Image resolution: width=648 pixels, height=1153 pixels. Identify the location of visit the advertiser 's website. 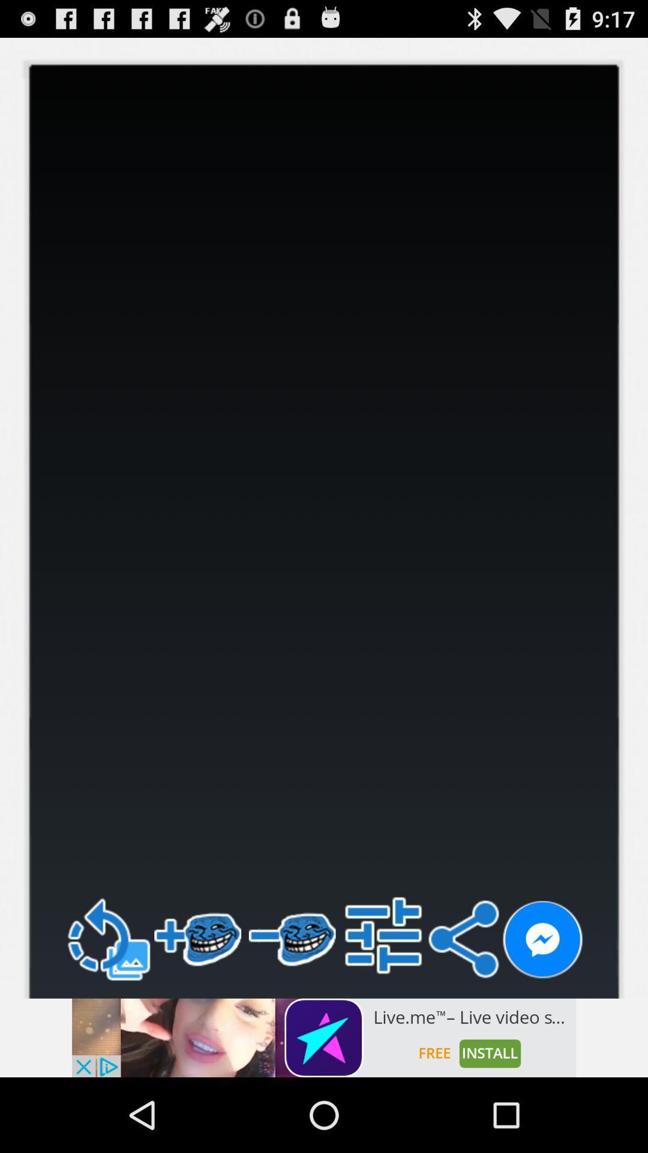
(324, 1037).